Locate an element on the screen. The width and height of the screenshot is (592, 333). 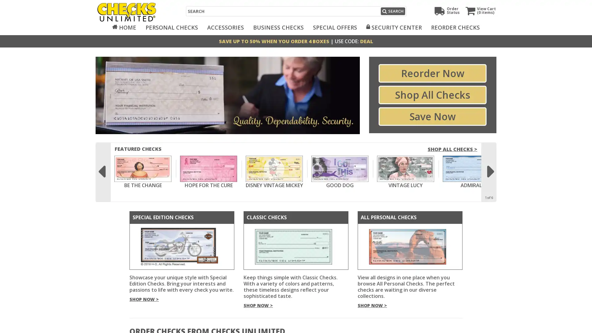
SEARCH is located at coordinates (392, 11).